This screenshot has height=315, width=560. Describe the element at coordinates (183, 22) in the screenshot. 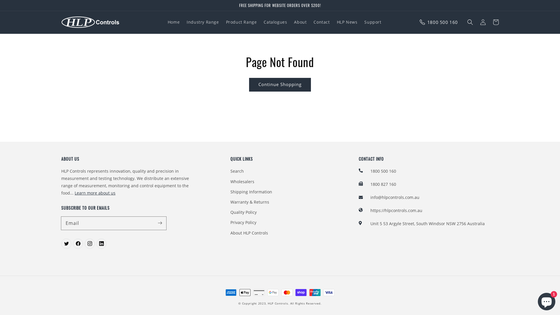

I see `'Industry Range'` at that location.